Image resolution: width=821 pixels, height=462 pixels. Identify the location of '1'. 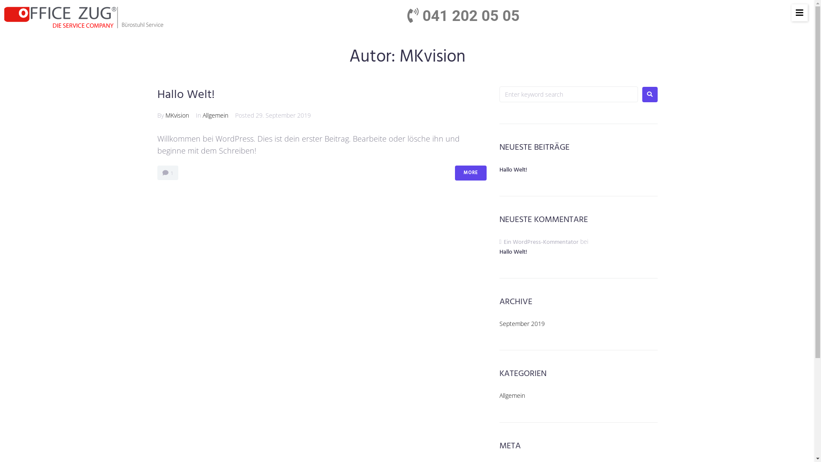
(168, 173).